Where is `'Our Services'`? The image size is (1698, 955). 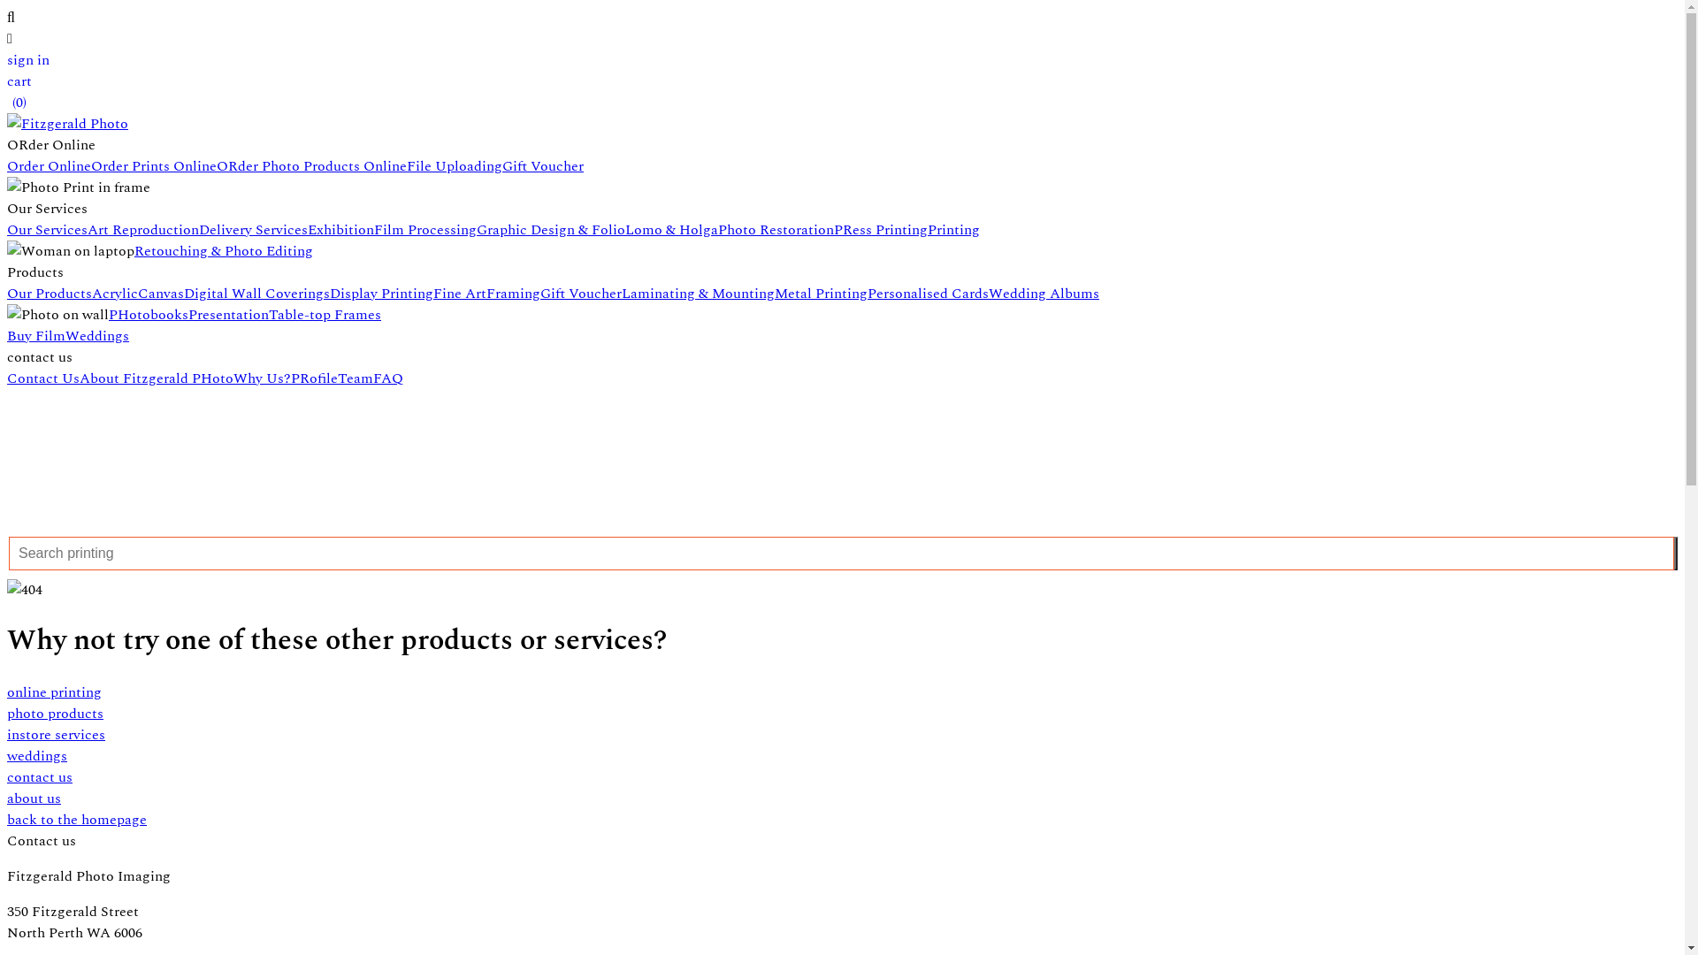 'Our Services' is located at coordinates (47, 228).